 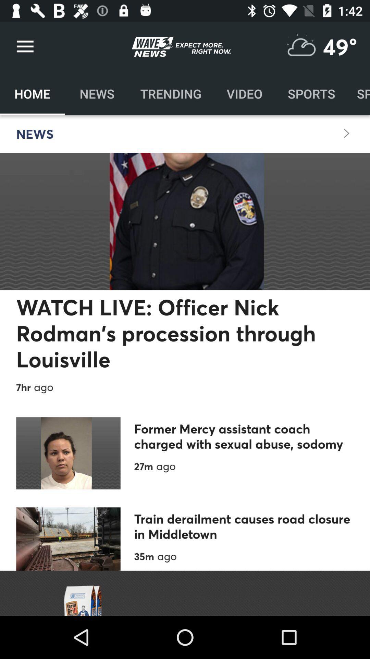 I want to click on advert, so click(x=185, y=593).